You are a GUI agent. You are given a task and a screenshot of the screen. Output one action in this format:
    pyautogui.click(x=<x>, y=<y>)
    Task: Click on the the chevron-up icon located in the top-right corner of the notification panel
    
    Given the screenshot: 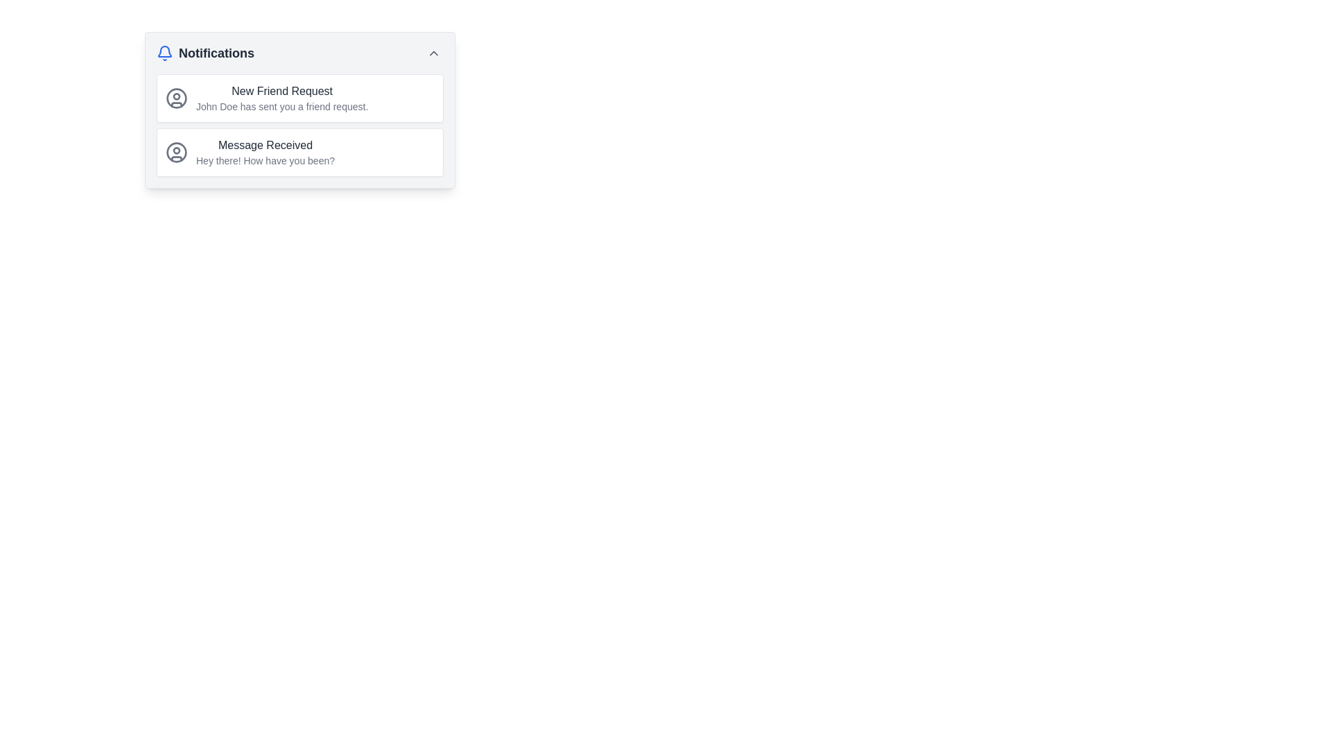 What is the action you would take?
    pyautogui.click(x=433, y=53)
    